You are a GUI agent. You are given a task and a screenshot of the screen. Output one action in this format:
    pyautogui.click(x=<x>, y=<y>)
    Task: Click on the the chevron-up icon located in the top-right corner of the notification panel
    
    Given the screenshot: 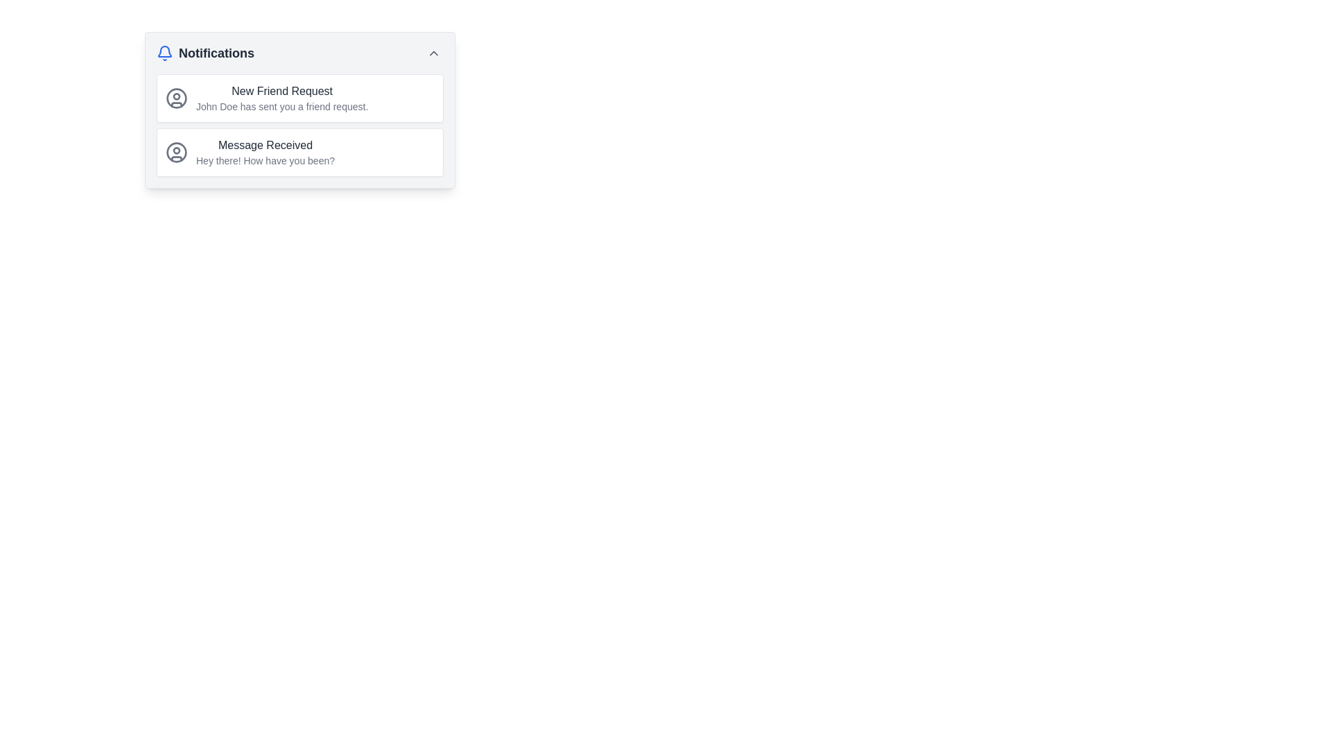 What is the action you would take?
    pyautogui.click(x=433, y=53)
    